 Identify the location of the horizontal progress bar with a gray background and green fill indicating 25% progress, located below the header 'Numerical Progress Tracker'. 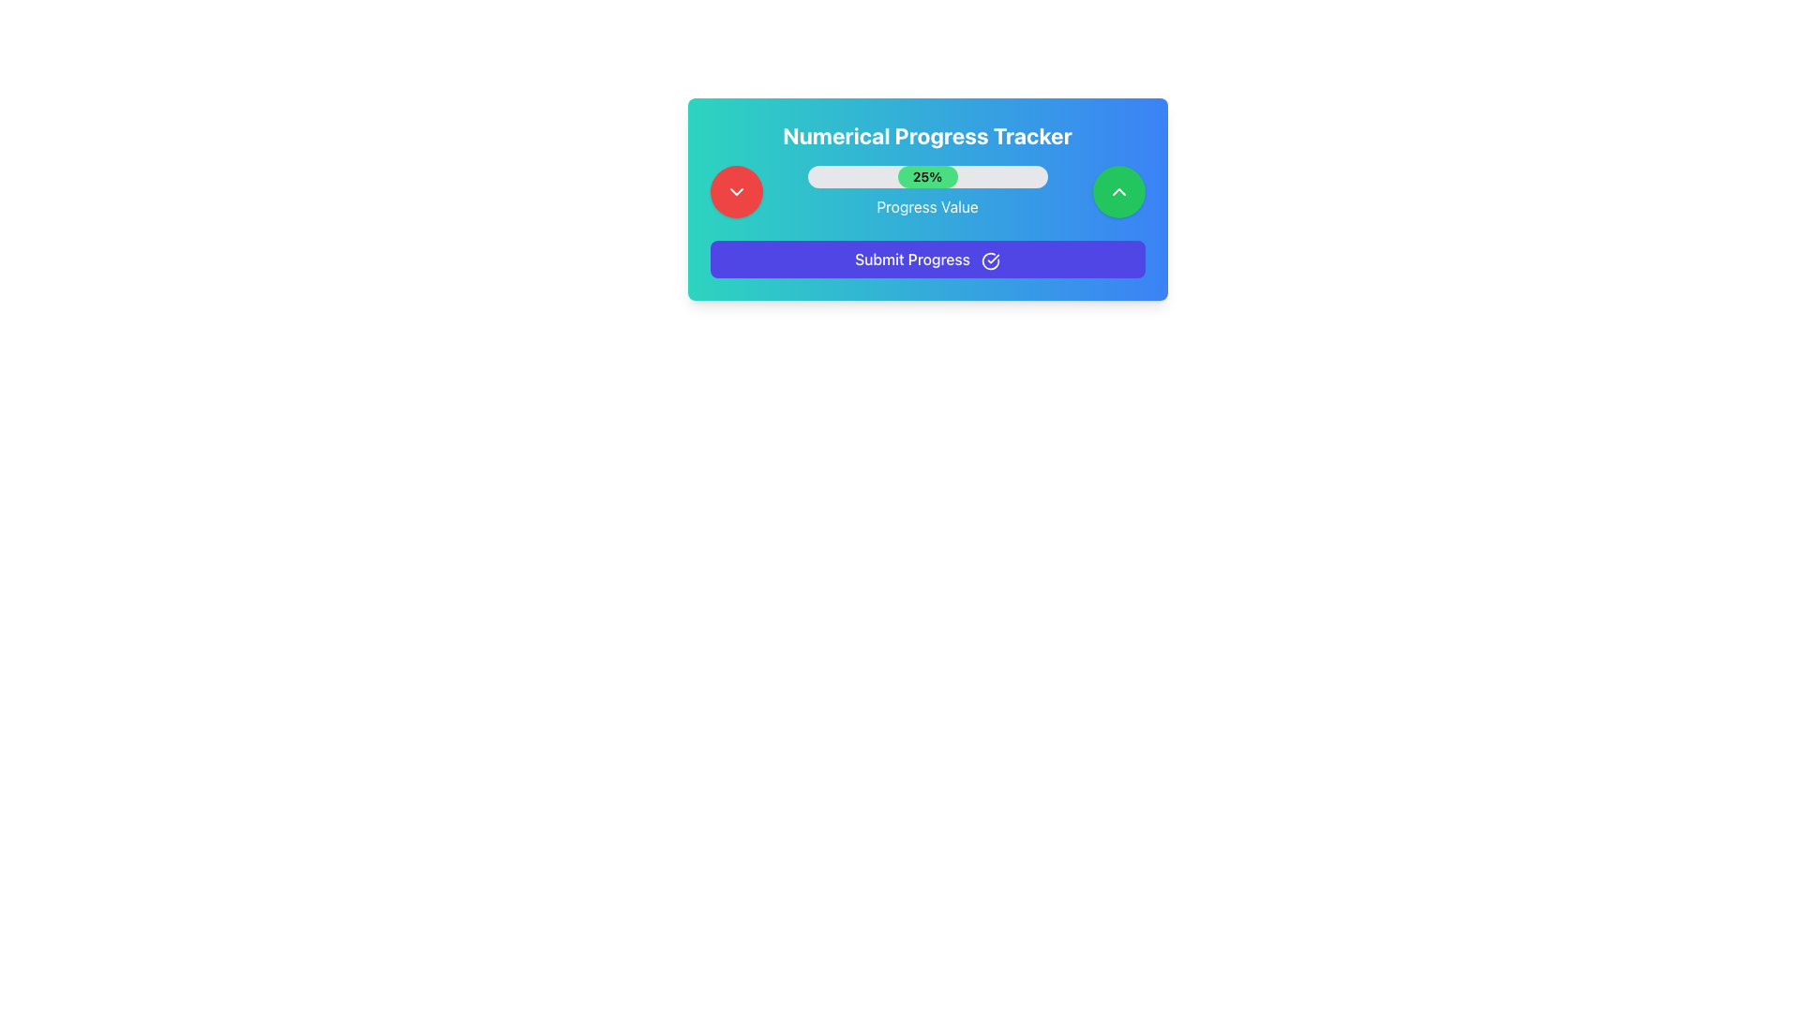
(927, 177).